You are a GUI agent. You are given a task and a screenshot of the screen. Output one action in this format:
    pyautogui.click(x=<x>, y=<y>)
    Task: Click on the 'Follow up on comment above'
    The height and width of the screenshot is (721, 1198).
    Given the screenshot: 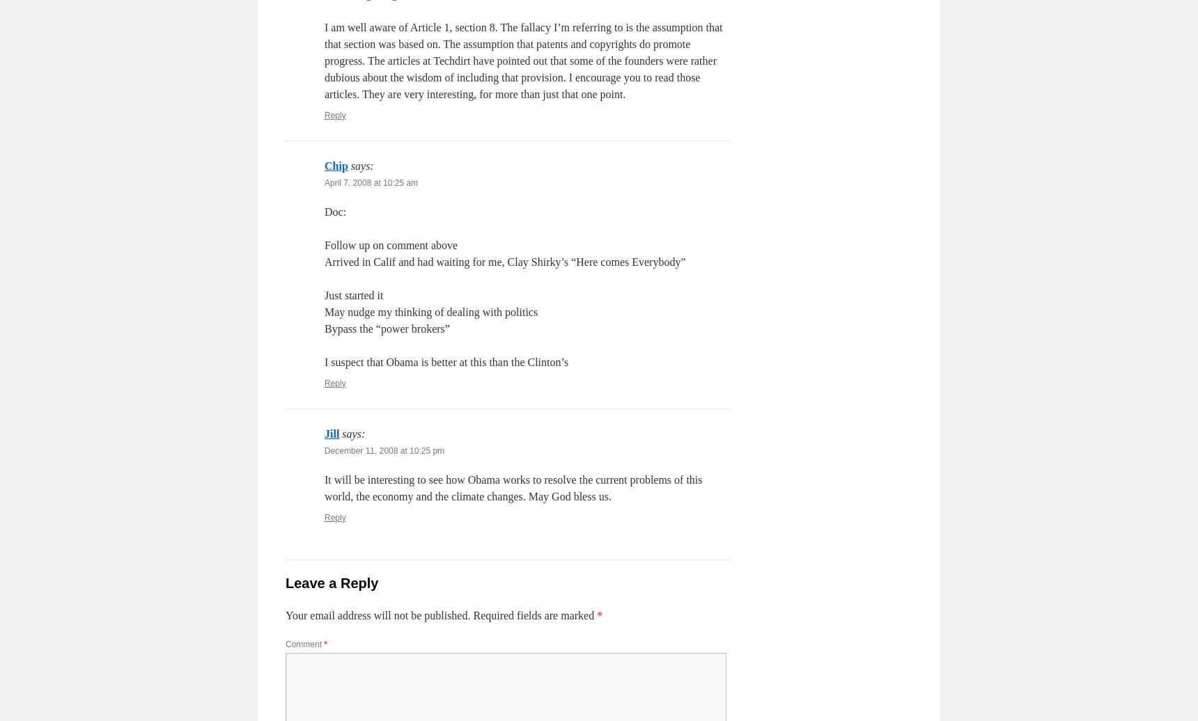 What is the action you would take?
    pyautogui.click(x=391, y=244)
    